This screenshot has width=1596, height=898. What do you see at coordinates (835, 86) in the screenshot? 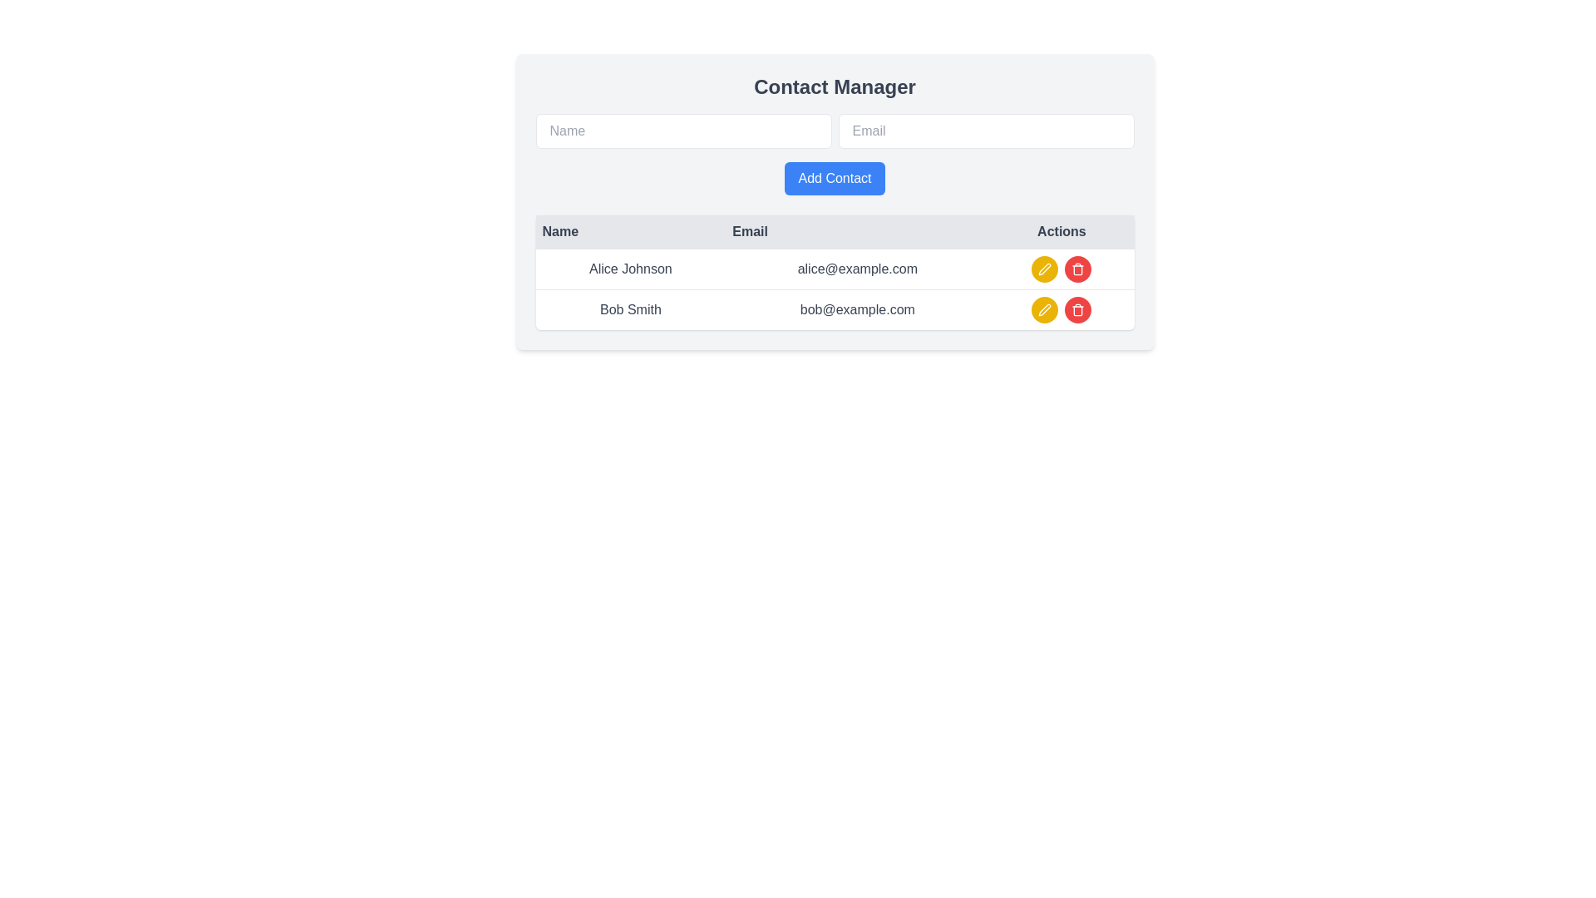
I see `the text heading element labeled 'Contact Manager', which is styled prominently at the top center of the interface` at bounding box center [835, 86].